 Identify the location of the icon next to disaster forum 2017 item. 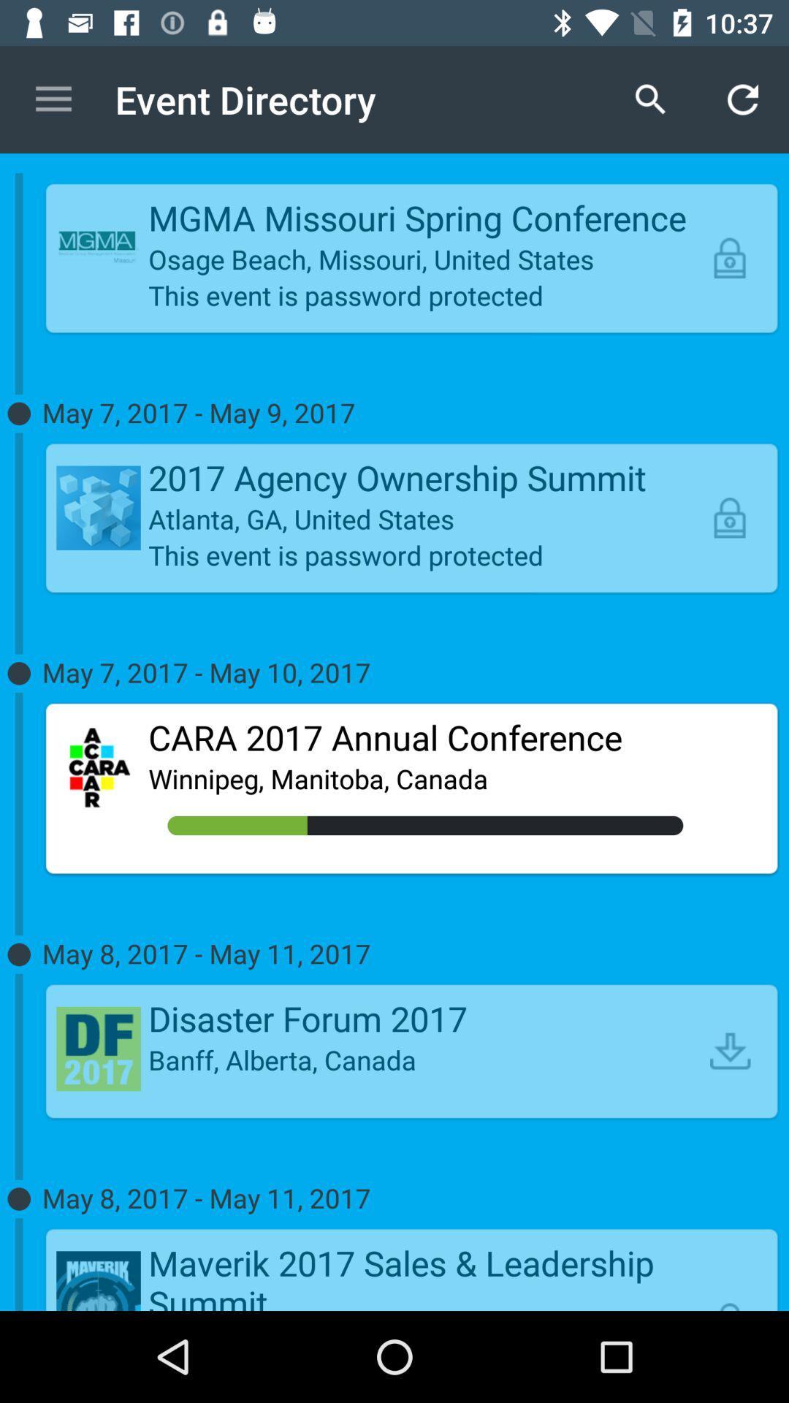
(730, 1050).